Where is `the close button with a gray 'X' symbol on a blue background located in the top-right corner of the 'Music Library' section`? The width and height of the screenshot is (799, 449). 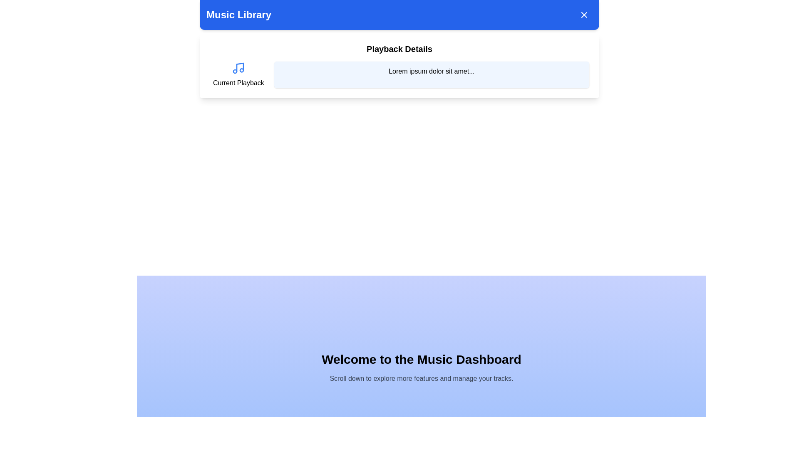 the close button with a gray 'X' symbol on a blue background located in the top-right corner of the 'Music Library' section is located at coordinates (583, 15).